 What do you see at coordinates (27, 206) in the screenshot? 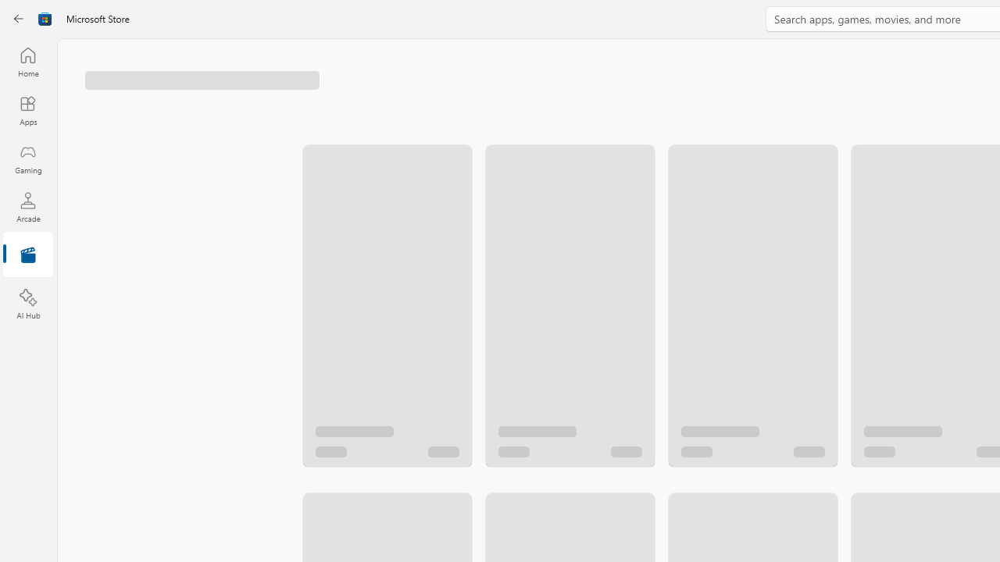
I see `'Arcade'` at bounding box center [27, 206].